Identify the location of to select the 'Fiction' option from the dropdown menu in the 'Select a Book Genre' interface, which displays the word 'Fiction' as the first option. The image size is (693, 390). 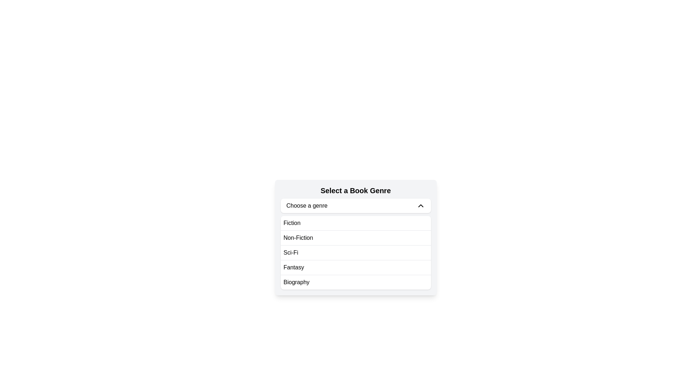
(292, 222).